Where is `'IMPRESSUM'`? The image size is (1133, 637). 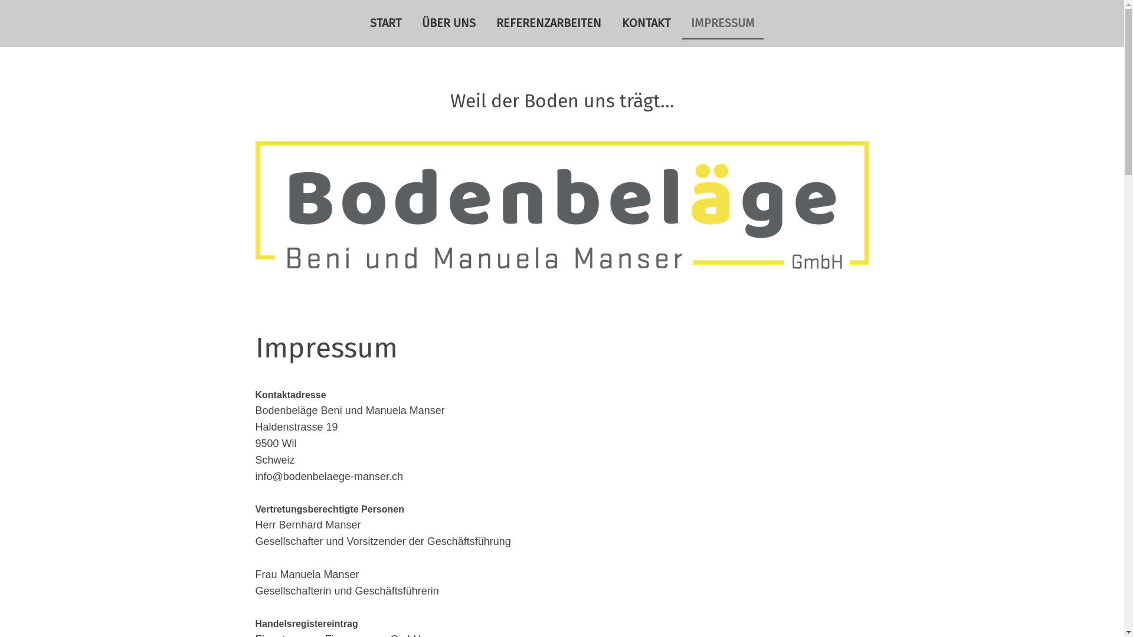 'IMPRESSUM' is located at coordinates (722, 24).